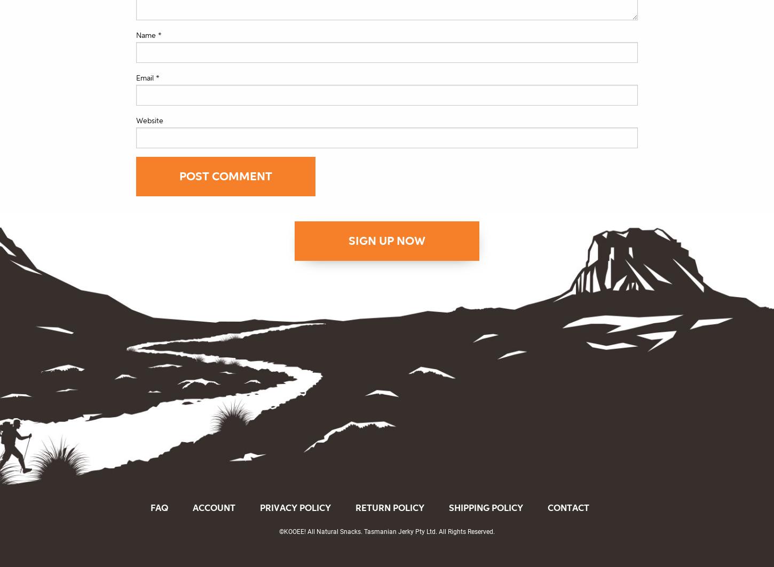 The image size is (774, 567). I want to click on 'Email', so click(146, 77).